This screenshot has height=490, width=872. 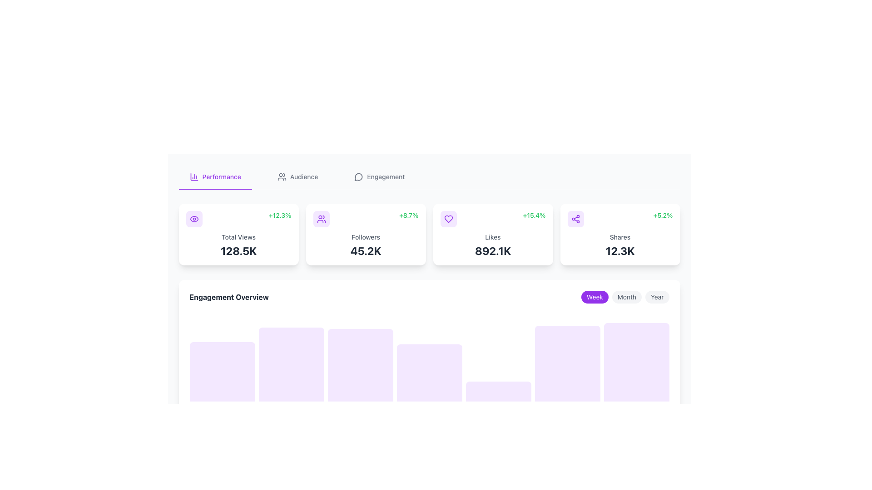 I want to click on the 'Engagement' tab, which is the third tab in the horizontal navigation list, so click(x=379, y=176).